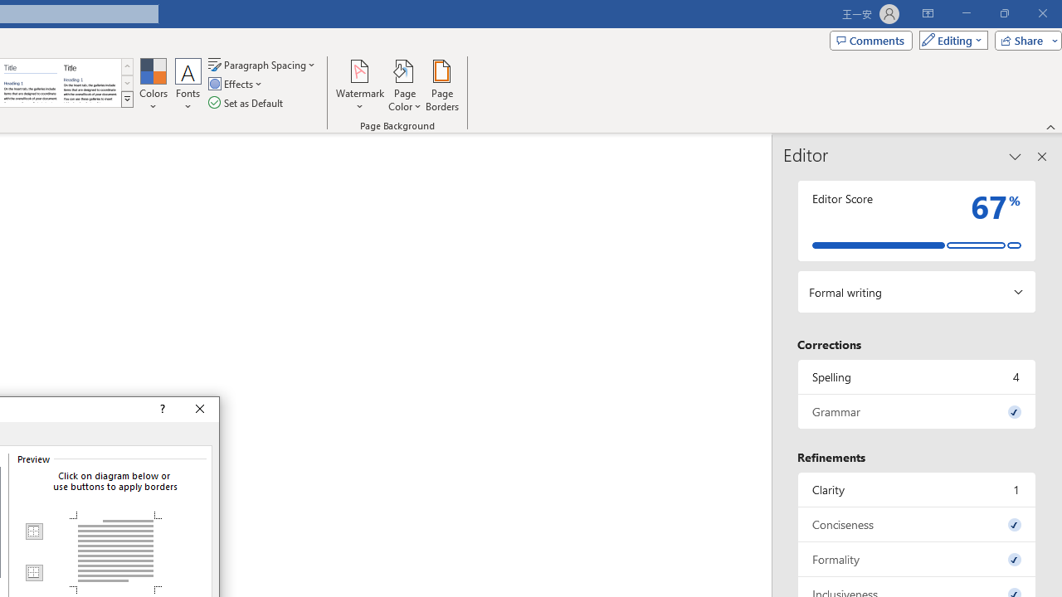 The image size is (1062, 597). What do you see at coordinates (188, 85) in the screenshot?
I see `'Fonts'` at bounding box center [188, 85].